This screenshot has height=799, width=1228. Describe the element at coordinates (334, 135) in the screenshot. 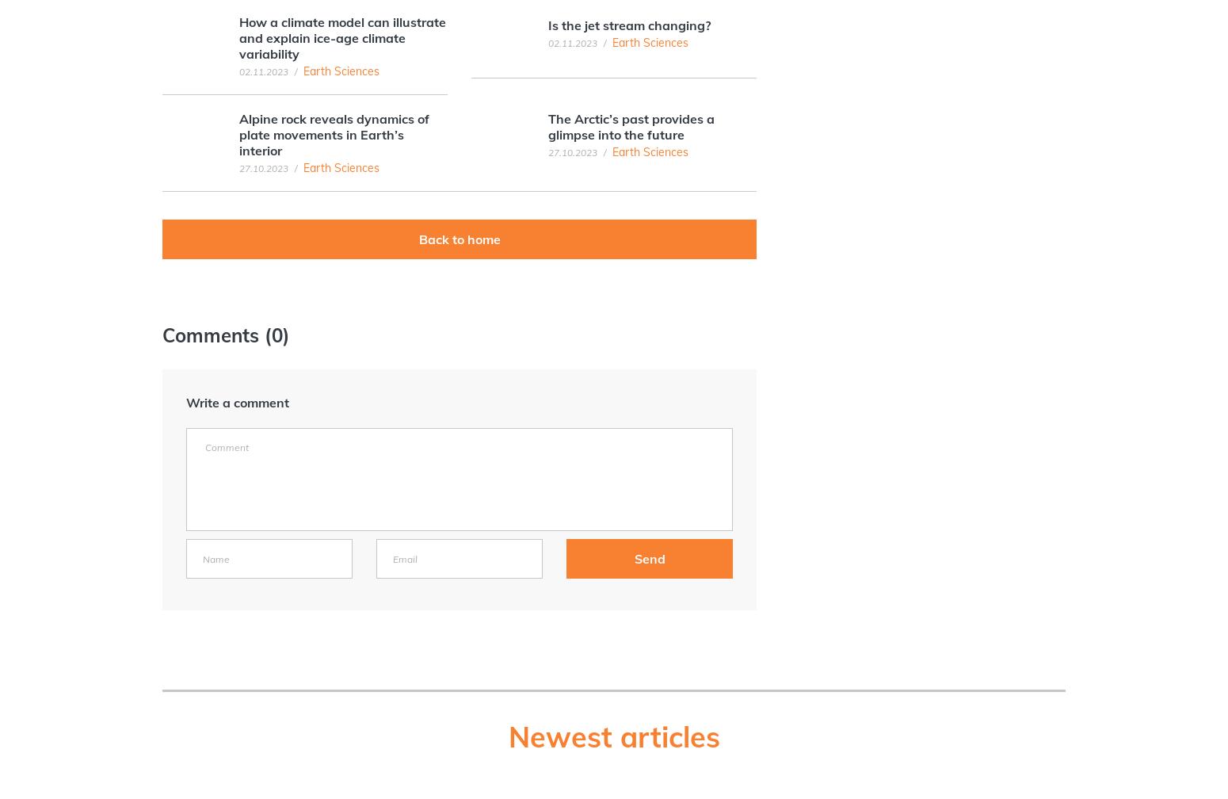

I see `'Alpine rock reveals dynamics of plate movements in Earth’s interior'` at that location.